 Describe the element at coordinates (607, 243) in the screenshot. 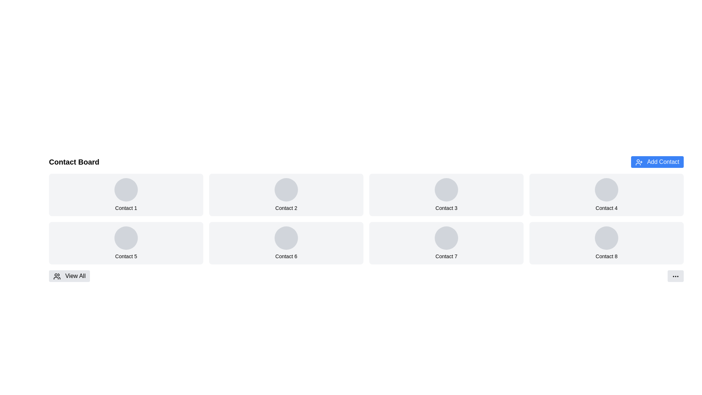

I see `the card representing 'Contact 8' which is located at the bottom-right corner of the grid layout` at that location.